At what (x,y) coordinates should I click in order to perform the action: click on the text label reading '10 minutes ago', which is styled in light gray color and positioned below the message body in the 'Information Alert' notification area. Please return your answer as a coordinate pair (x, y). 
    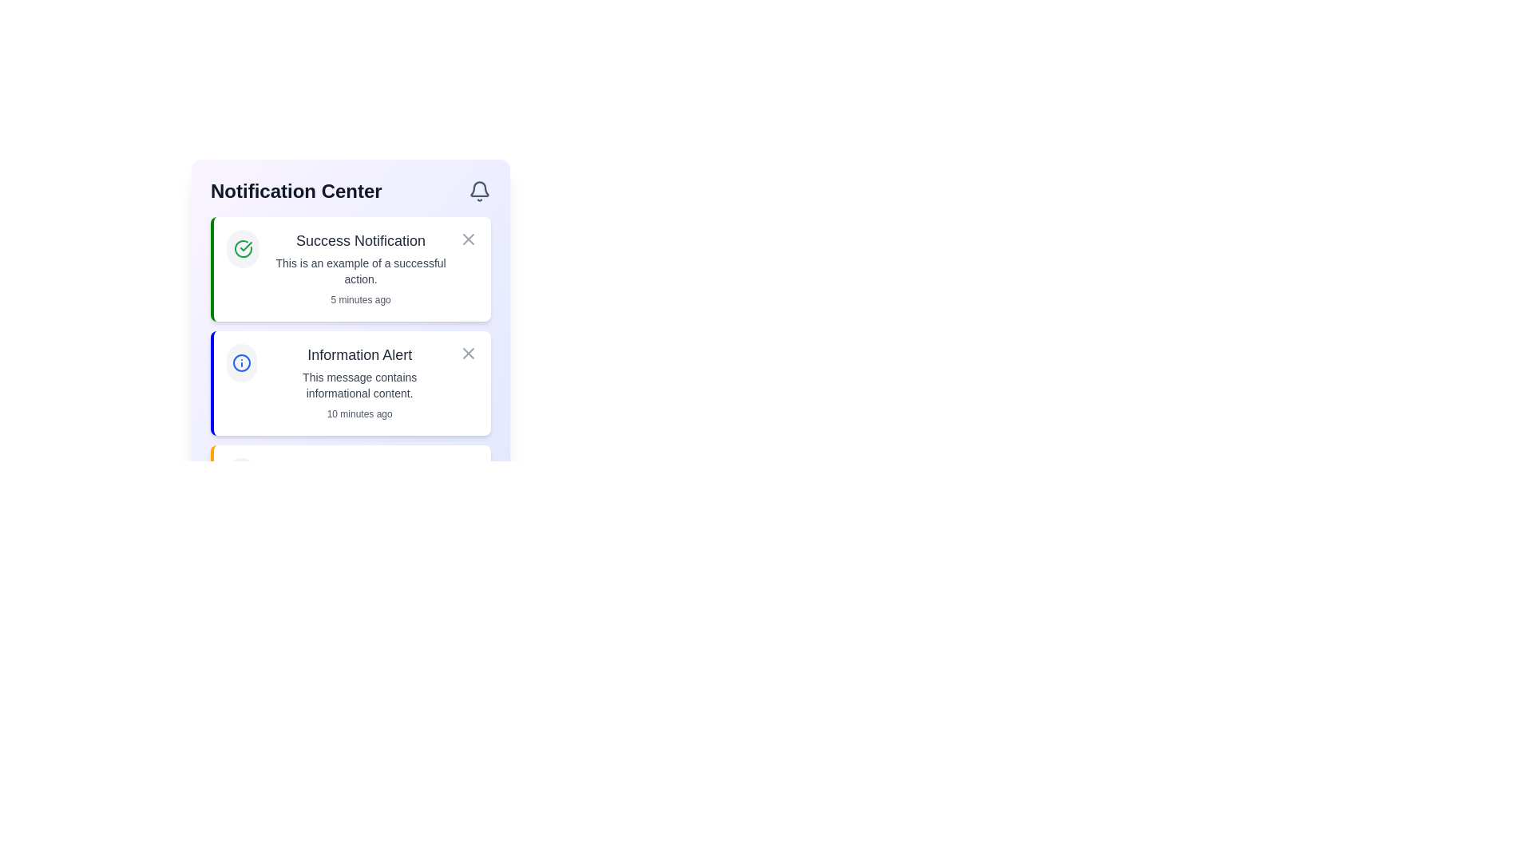
    Looking at the image, I should click on (358, 413).